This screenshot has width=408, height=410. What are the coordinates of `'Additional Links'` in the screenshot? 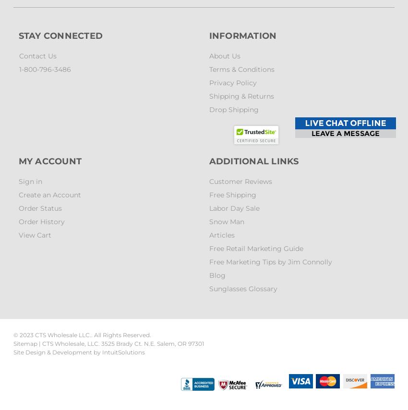 It's located at (253, 161).